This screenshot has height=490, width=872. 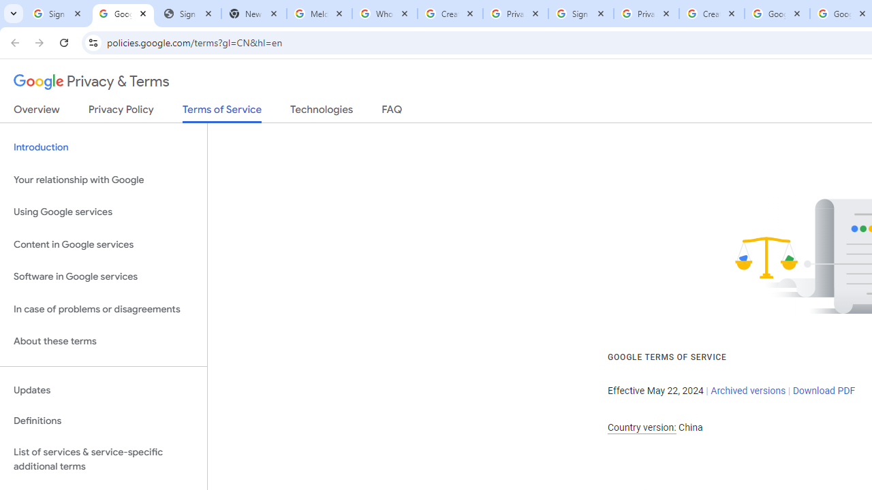 What do you see at coordinates (321, 112) in the screenshot?
I see `'Technologies'` at bounding box center [321, 112].